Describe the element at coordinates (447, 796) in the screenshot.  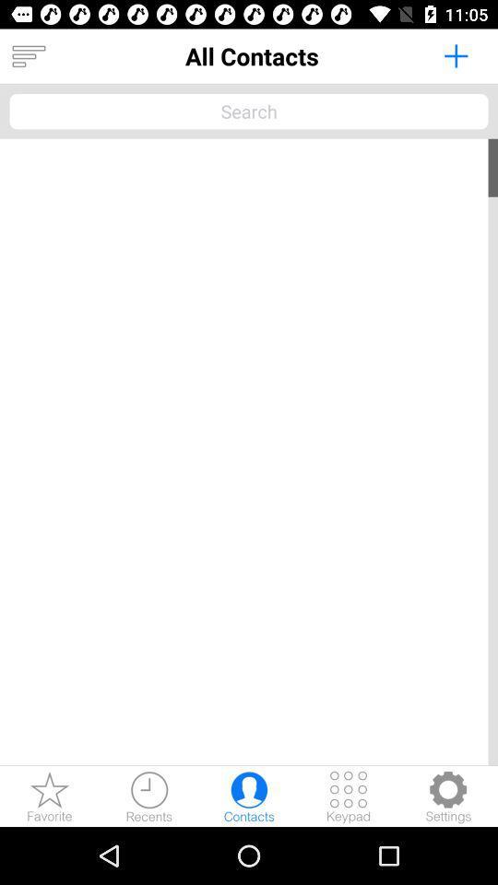
I see `settings` at that location.